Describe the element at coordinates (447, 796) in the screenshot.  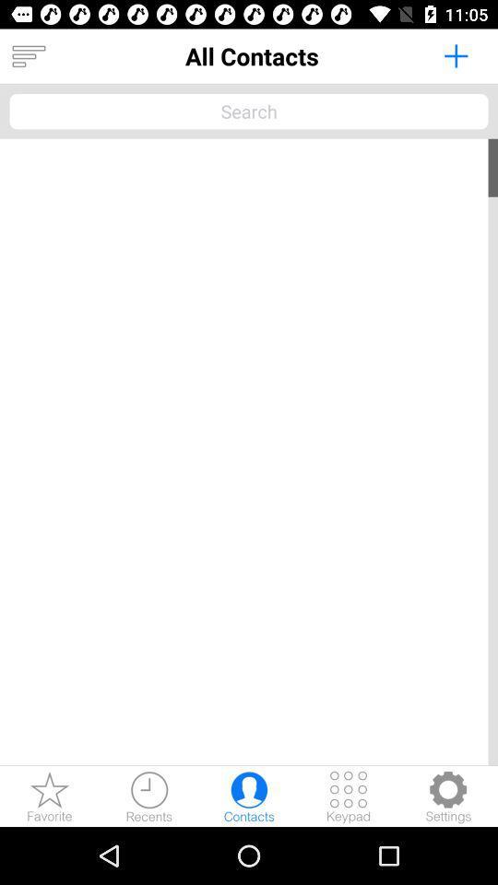
I see `settings` at that location.